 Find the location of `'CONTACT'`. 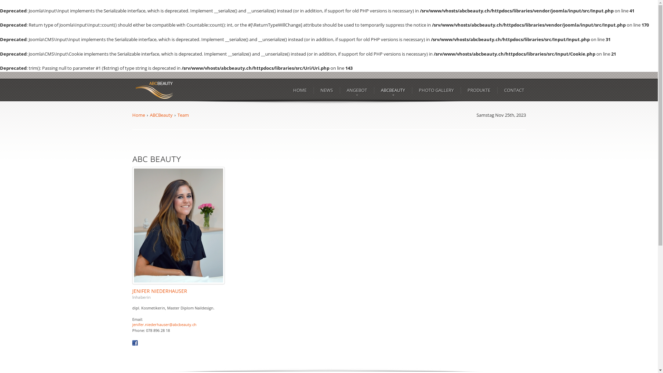

'CONTACT' is located at coordinates (514, 90).